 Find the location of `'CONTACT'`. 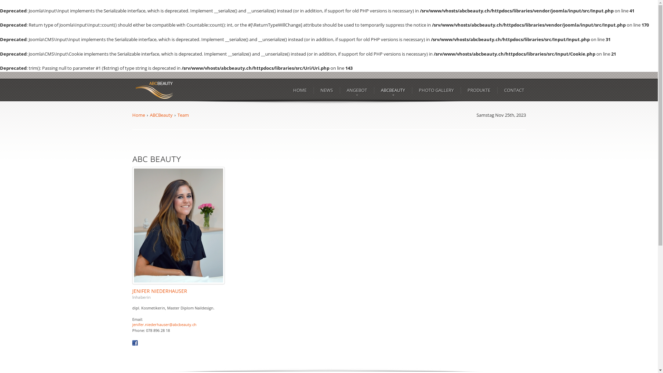

'CONTACT' is located at coordinates (514, 90).